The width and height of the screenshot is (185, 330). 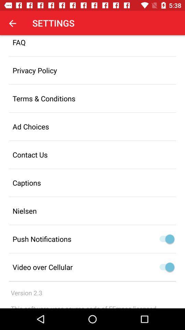 What do you see at coordinates (92, 182) in the screenshot?
I see `icon below contact us` at bounding box center [92, 182].